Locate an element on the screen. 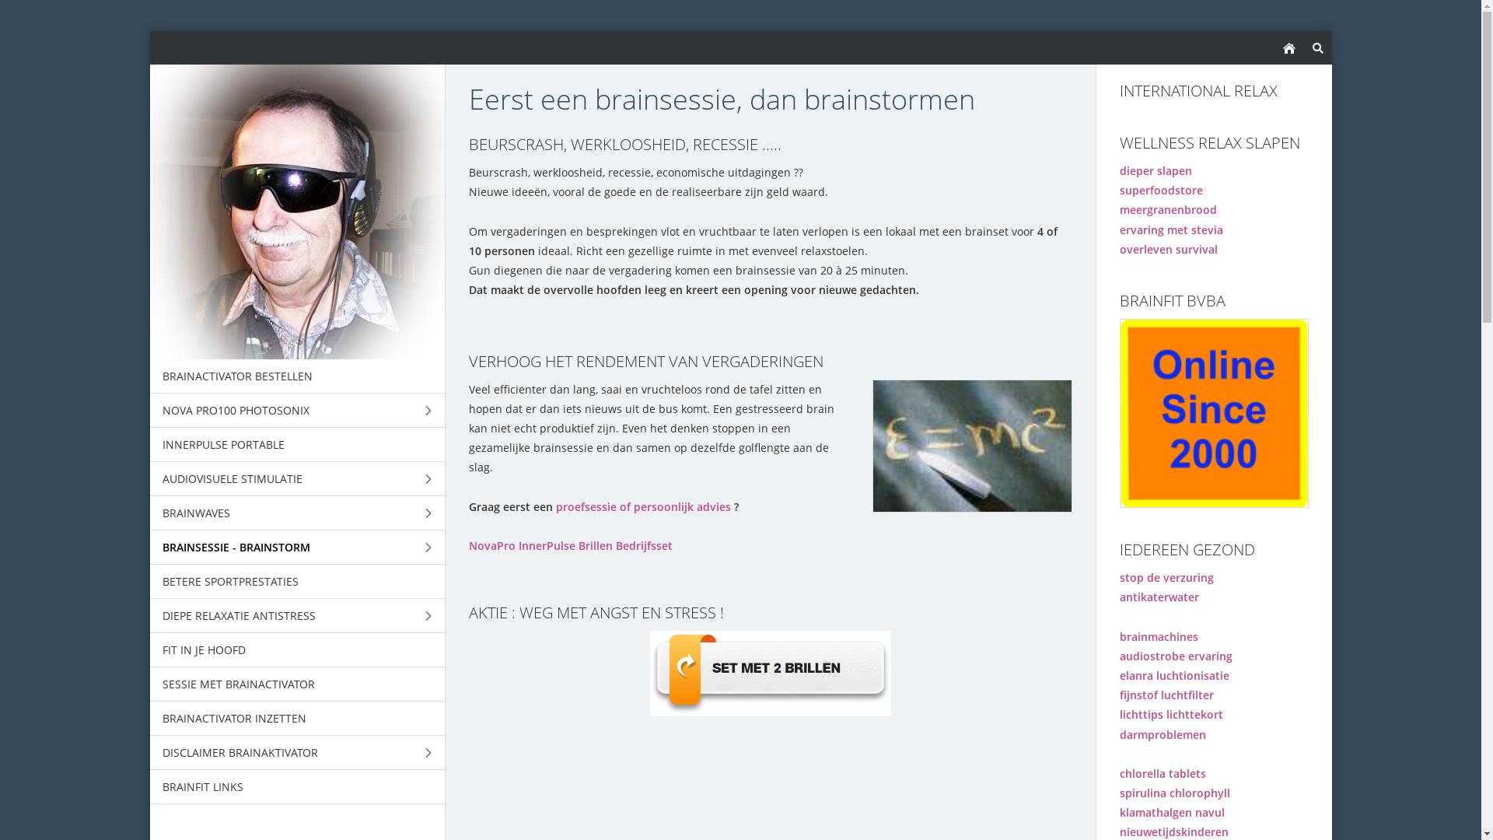 The height and width of the screenshot is (840, 1493). 'klamathalgen navul' is located at coordinates (1172, 811).